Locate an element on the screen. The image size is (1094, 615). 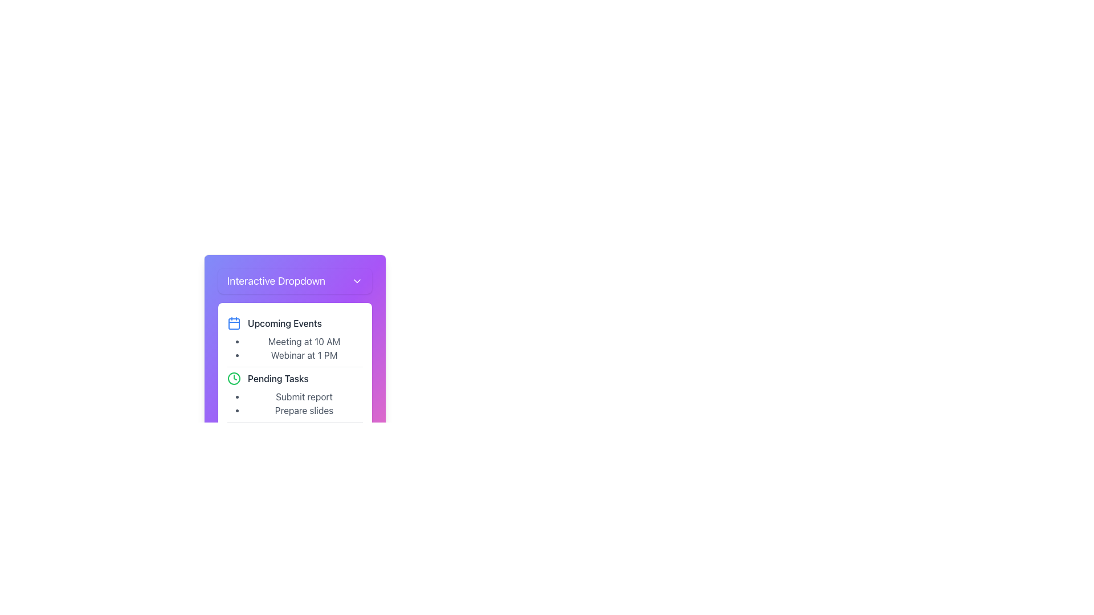
the 'Upcoming Events' label, which is a bold, dark gray text label located within the 'Interactive Dropdown' card, next to a calendar icon is located at coordinates (284, 323).